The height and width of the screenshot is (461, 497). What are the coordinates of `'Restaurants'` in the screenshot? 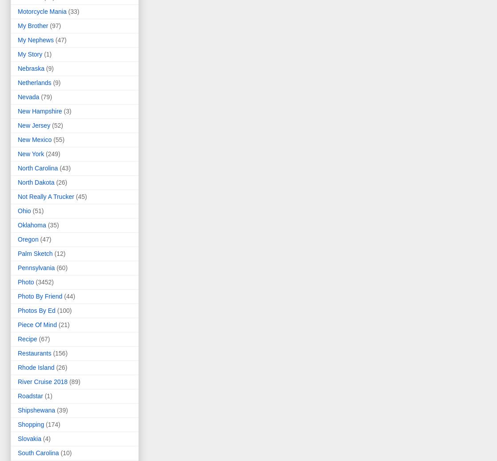 It's located at (34, 353).